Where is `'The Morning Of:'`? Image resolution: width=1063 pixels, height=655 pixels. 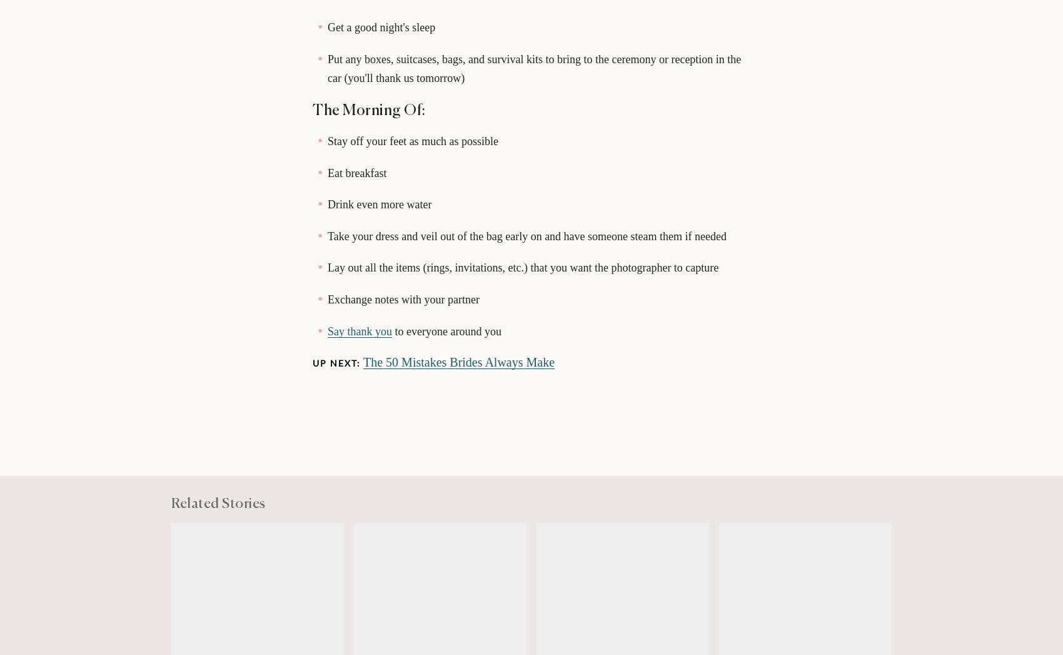 'The Morning Of:' is located at coordinates (312, 110).